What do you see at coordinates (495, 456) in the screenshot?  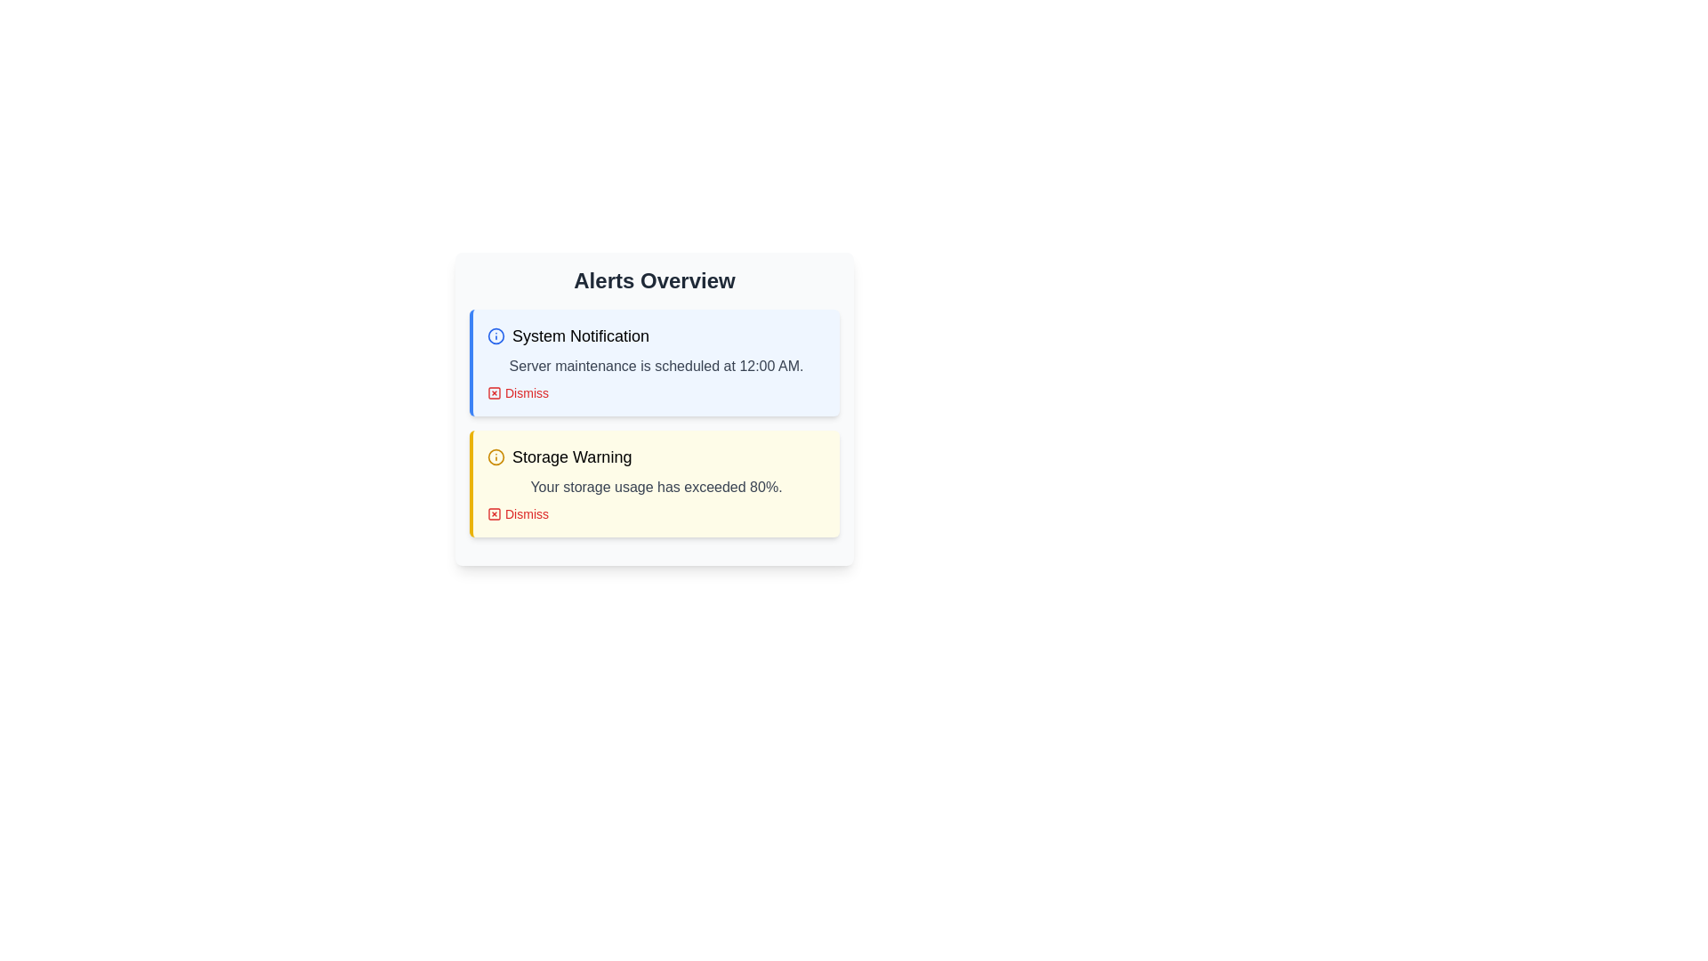 I see `the circular icon with an exclamation mark in the 'Storage Warning' section, which is styled with a yellow fill and dark stroke details` at bounding box center [495, 456].